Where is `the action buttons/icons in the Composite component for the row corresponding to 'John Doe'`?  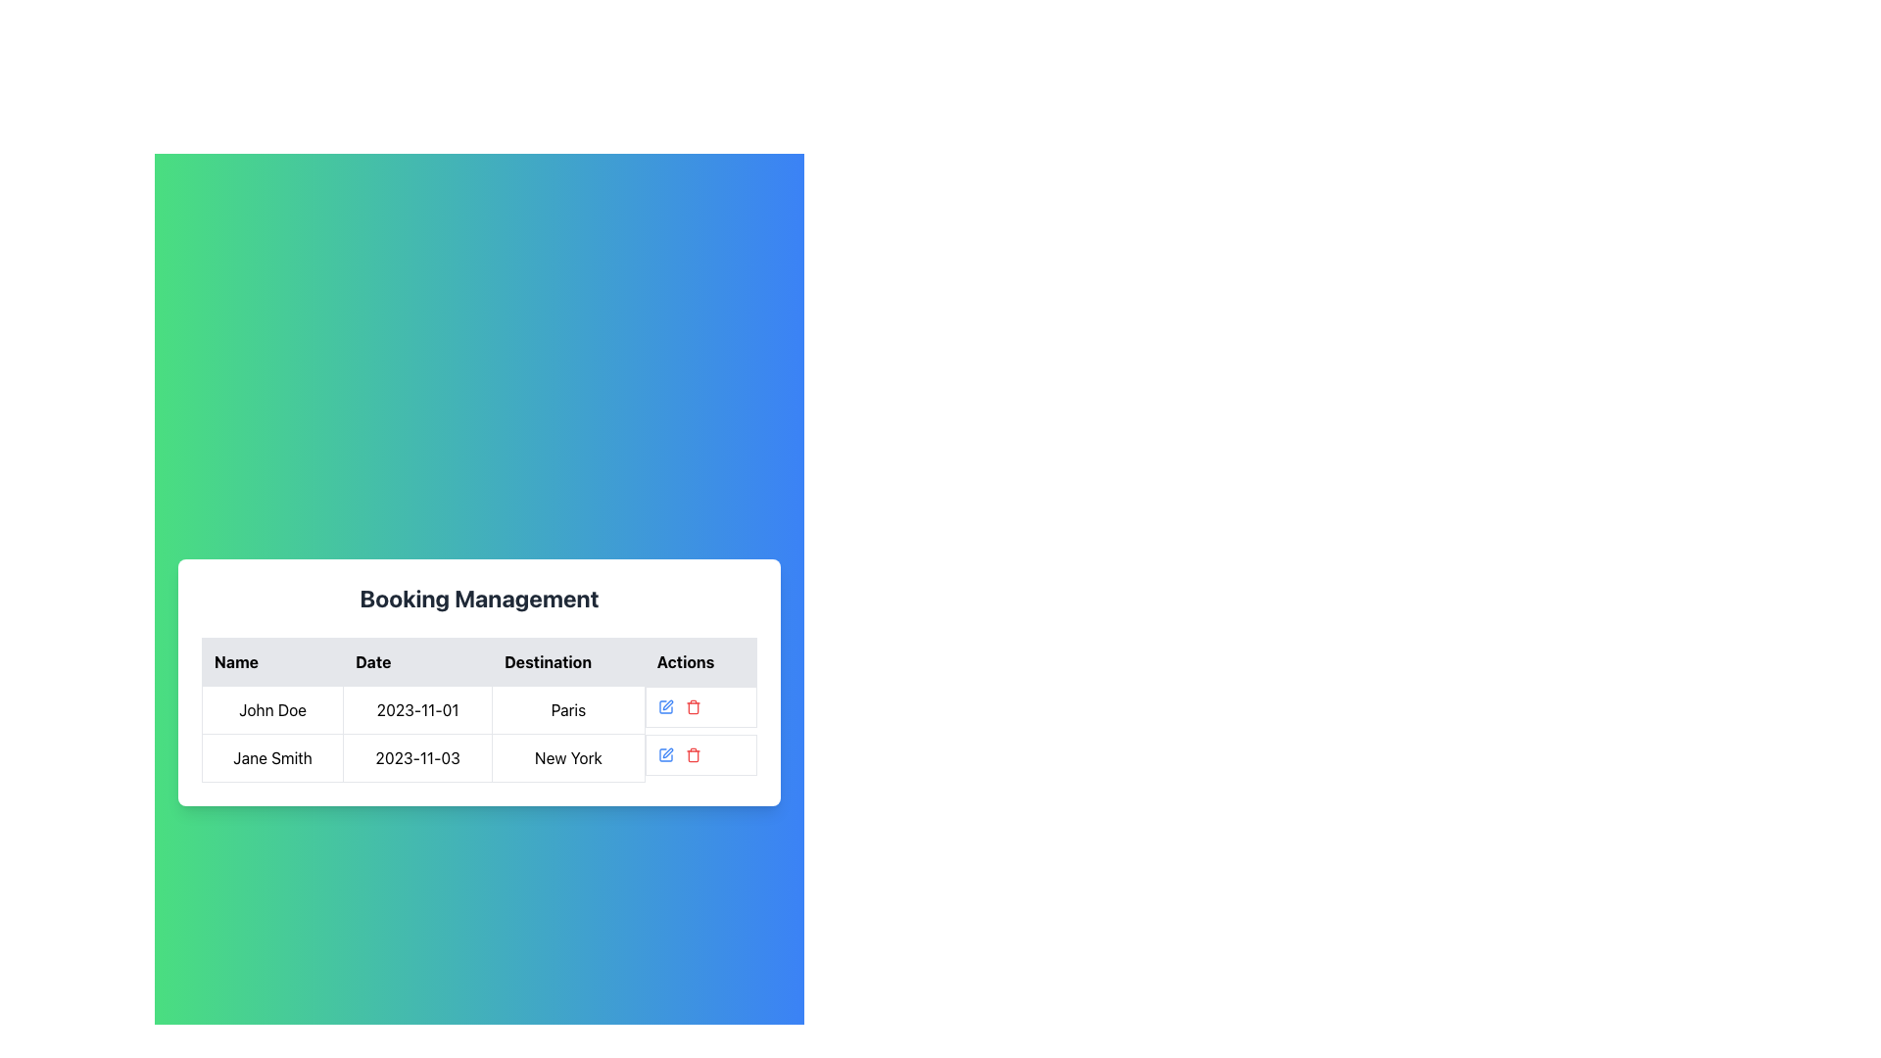
the action buttons/icons in the Composite component for the row corresponding to 'John Doe' is located at coordinates (700, 706).